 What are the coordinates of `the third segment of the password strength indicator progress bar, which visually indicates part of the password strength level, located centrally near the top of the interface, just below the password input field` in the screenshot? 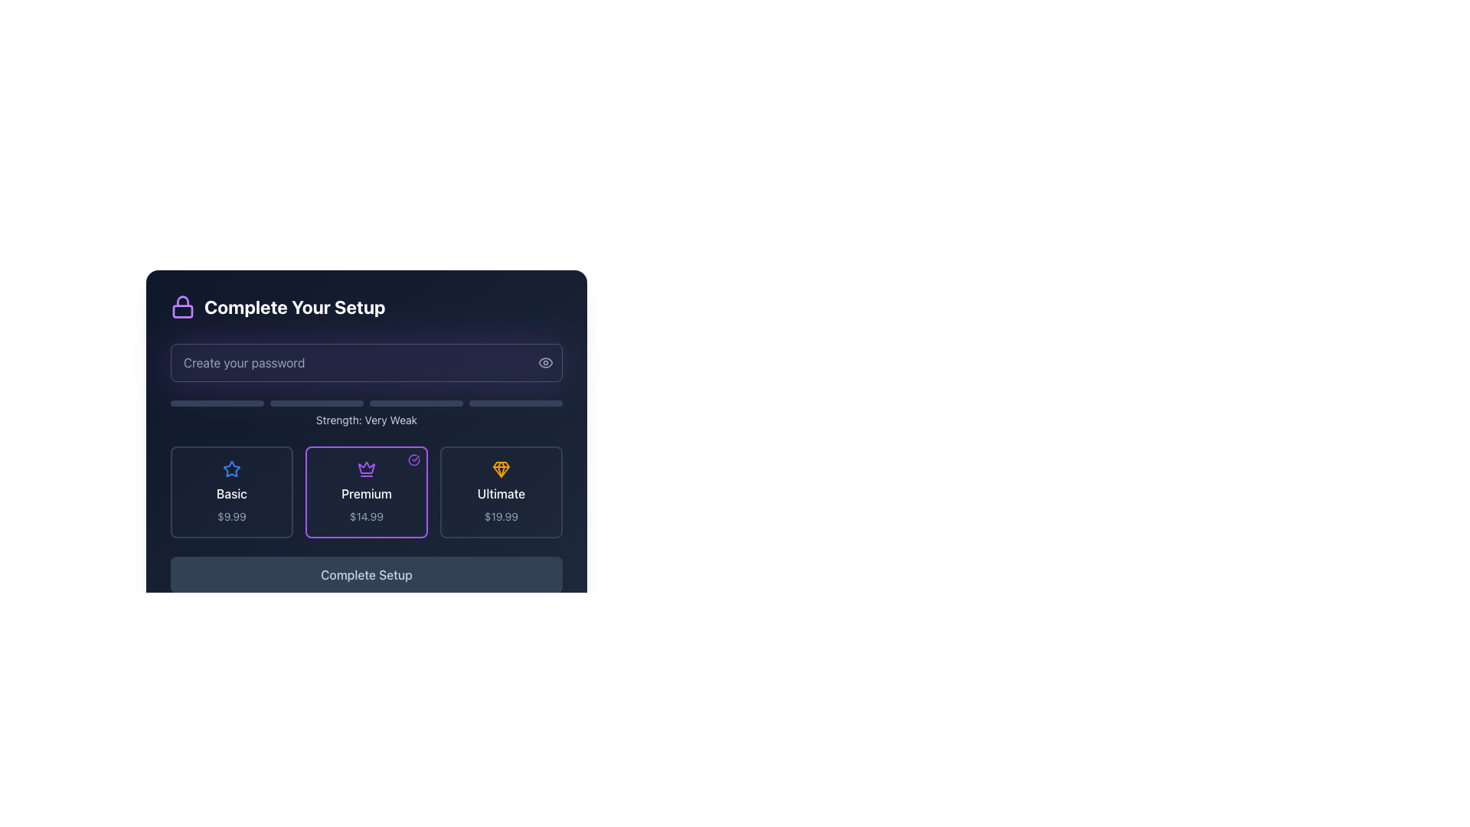 It's located at (416, 403).